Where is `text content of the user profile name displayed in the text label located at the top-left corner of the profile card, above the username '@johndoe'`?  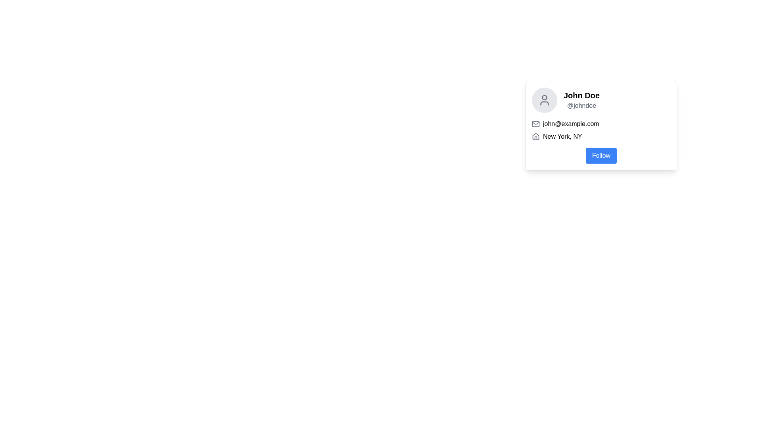
text content of the user profile name displayed in the text label located at the top-left corner of the profile card, above the username '@johndoe' is located at coordinates (581, 95).